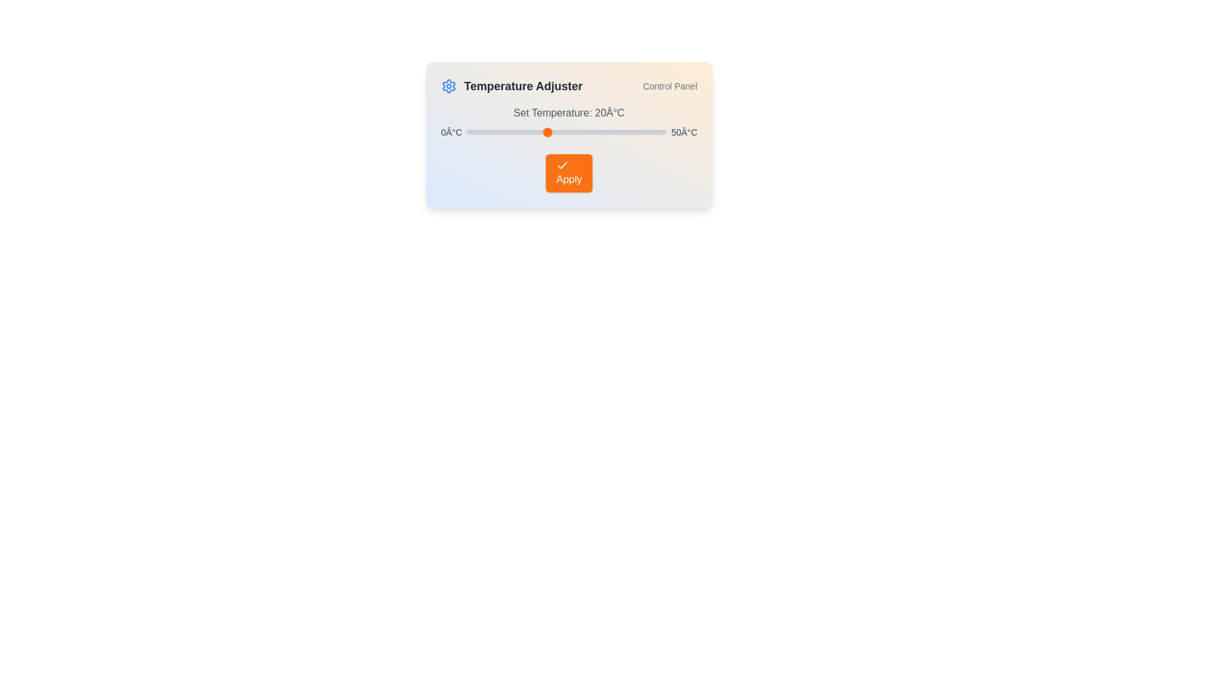 This screenshot has height=691, width=1230. I want to click on the temperature slider to set the temperature to 7°C, so click(494, 132).